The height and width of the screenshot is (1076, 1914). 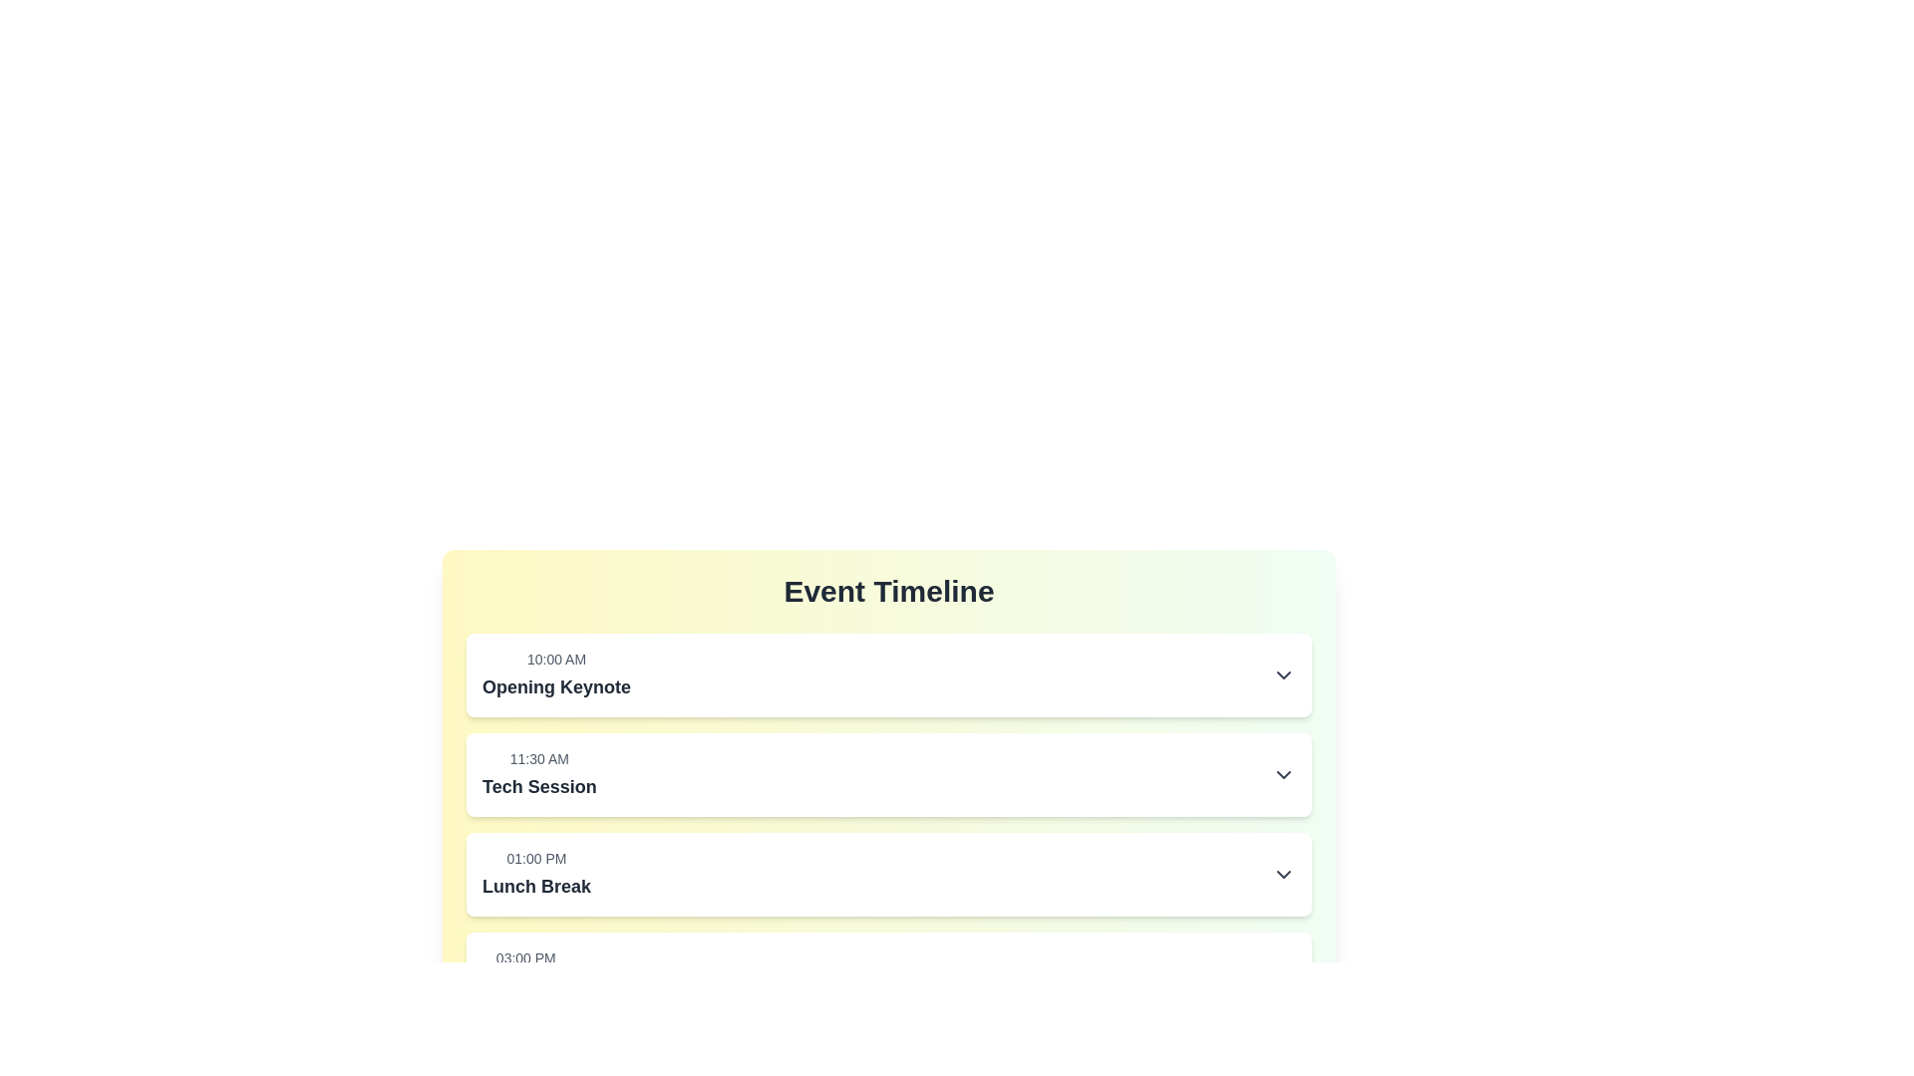 I want to click on text content of the Label displaying 'Opening Keynote' located in the top-left corner of the event timeline, which is highlighted in yellow, so click(x=556, y=674).